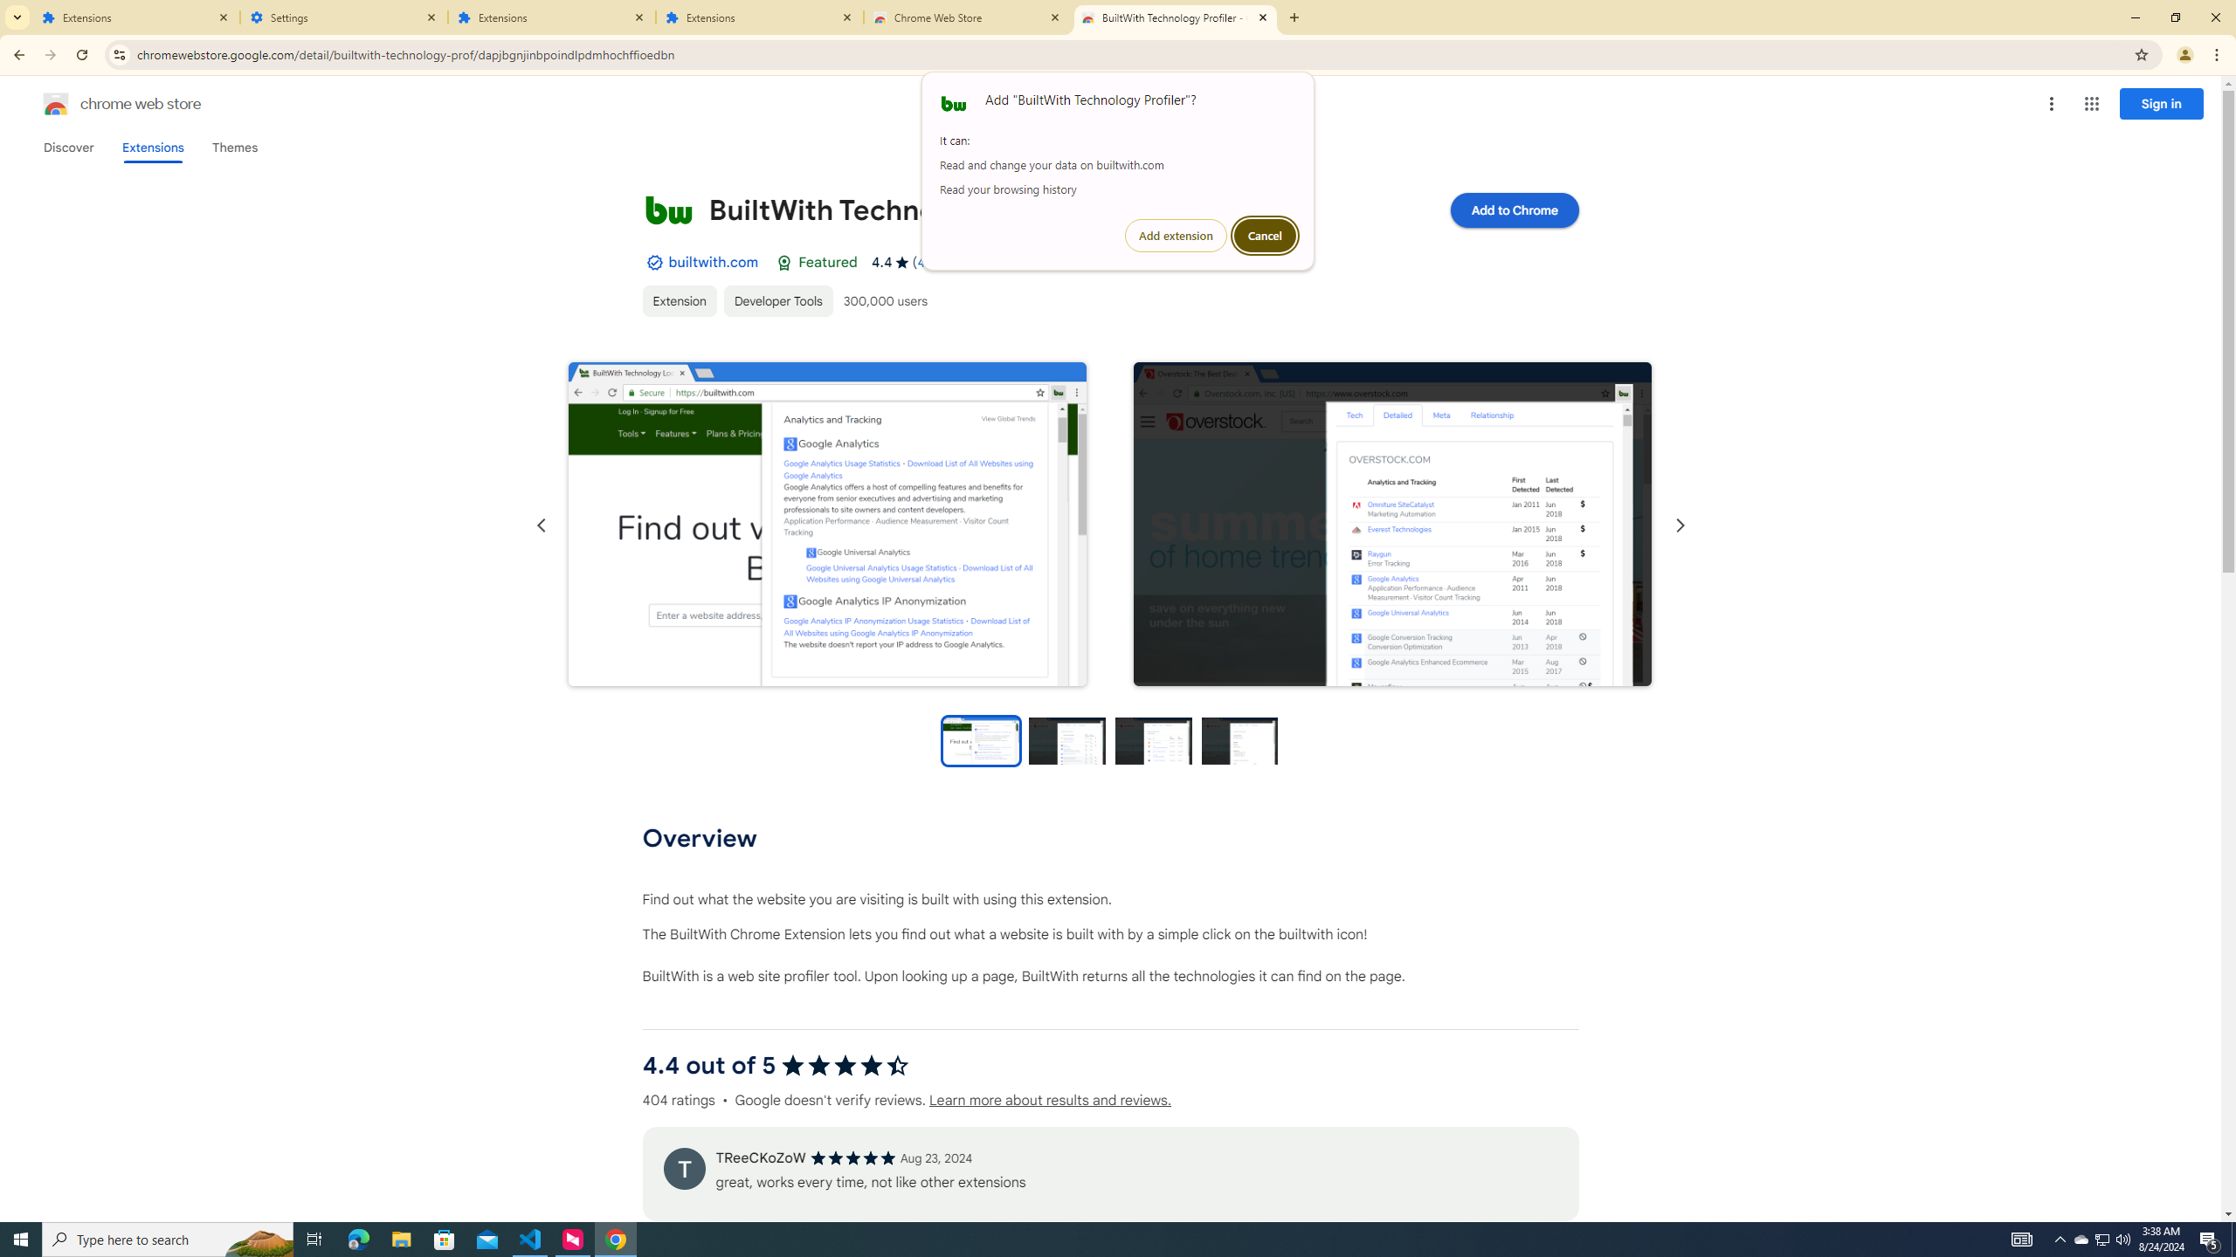 Image resolution: width=2236 pixels, height=1257 pixels. What do you see at coordinates (2081, 1238) in the screenshot?
I see `'User Promoted Notification Area'` at bounding box center [2081, 1238].